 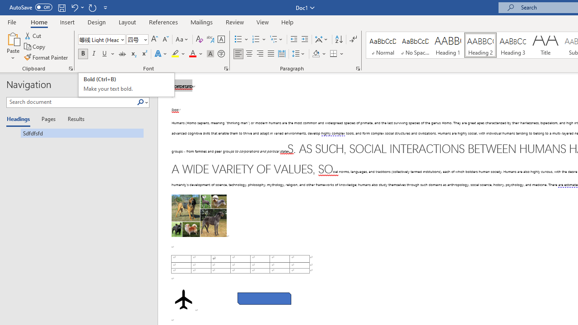 I want to click on 'Text Highlight Color Yellow', so click(x=175, y=54).